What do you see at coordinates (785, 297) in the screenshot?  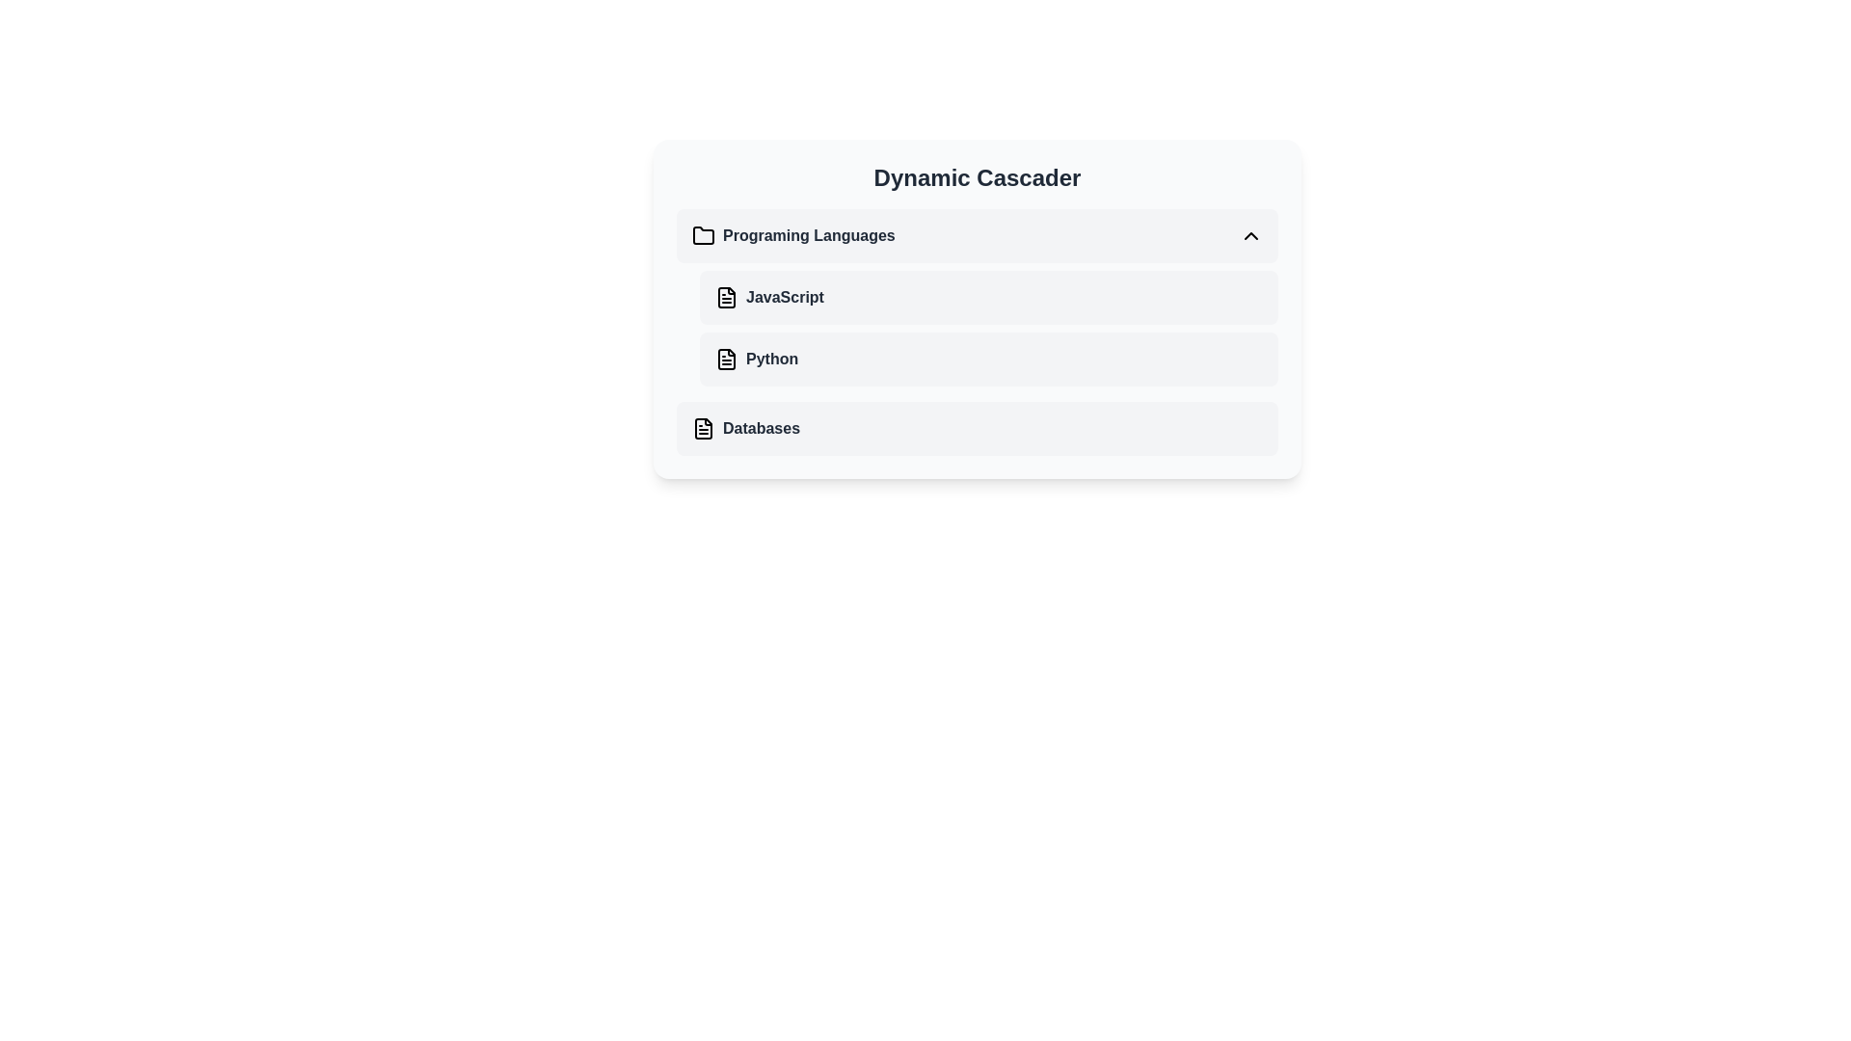 I see `the 'JavaScript' text label, which is bold dark gray and part of the 'Dynamic Cascader' section under 'Programming Languages'` at bounding box center [785, 297].